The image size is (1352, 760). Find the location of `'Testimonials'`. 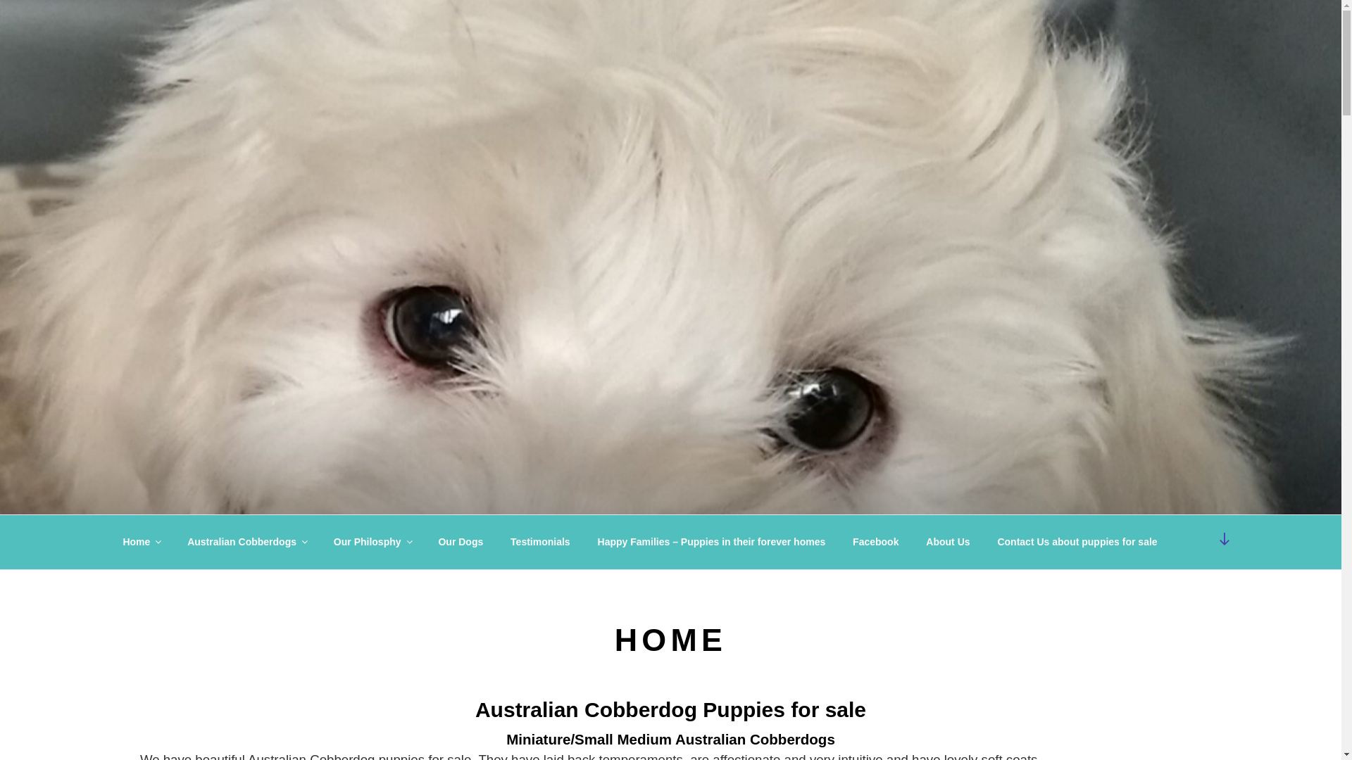

'Testimonials' is located at coordinates (499, 541).